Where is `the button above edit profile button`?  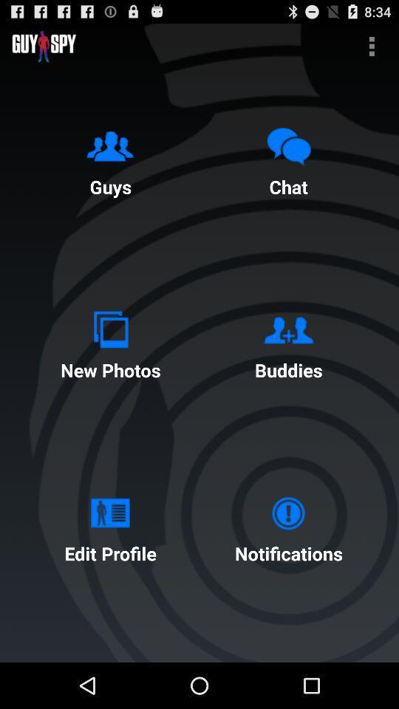
the button above edit profile button is located at coordinates (109, 342).